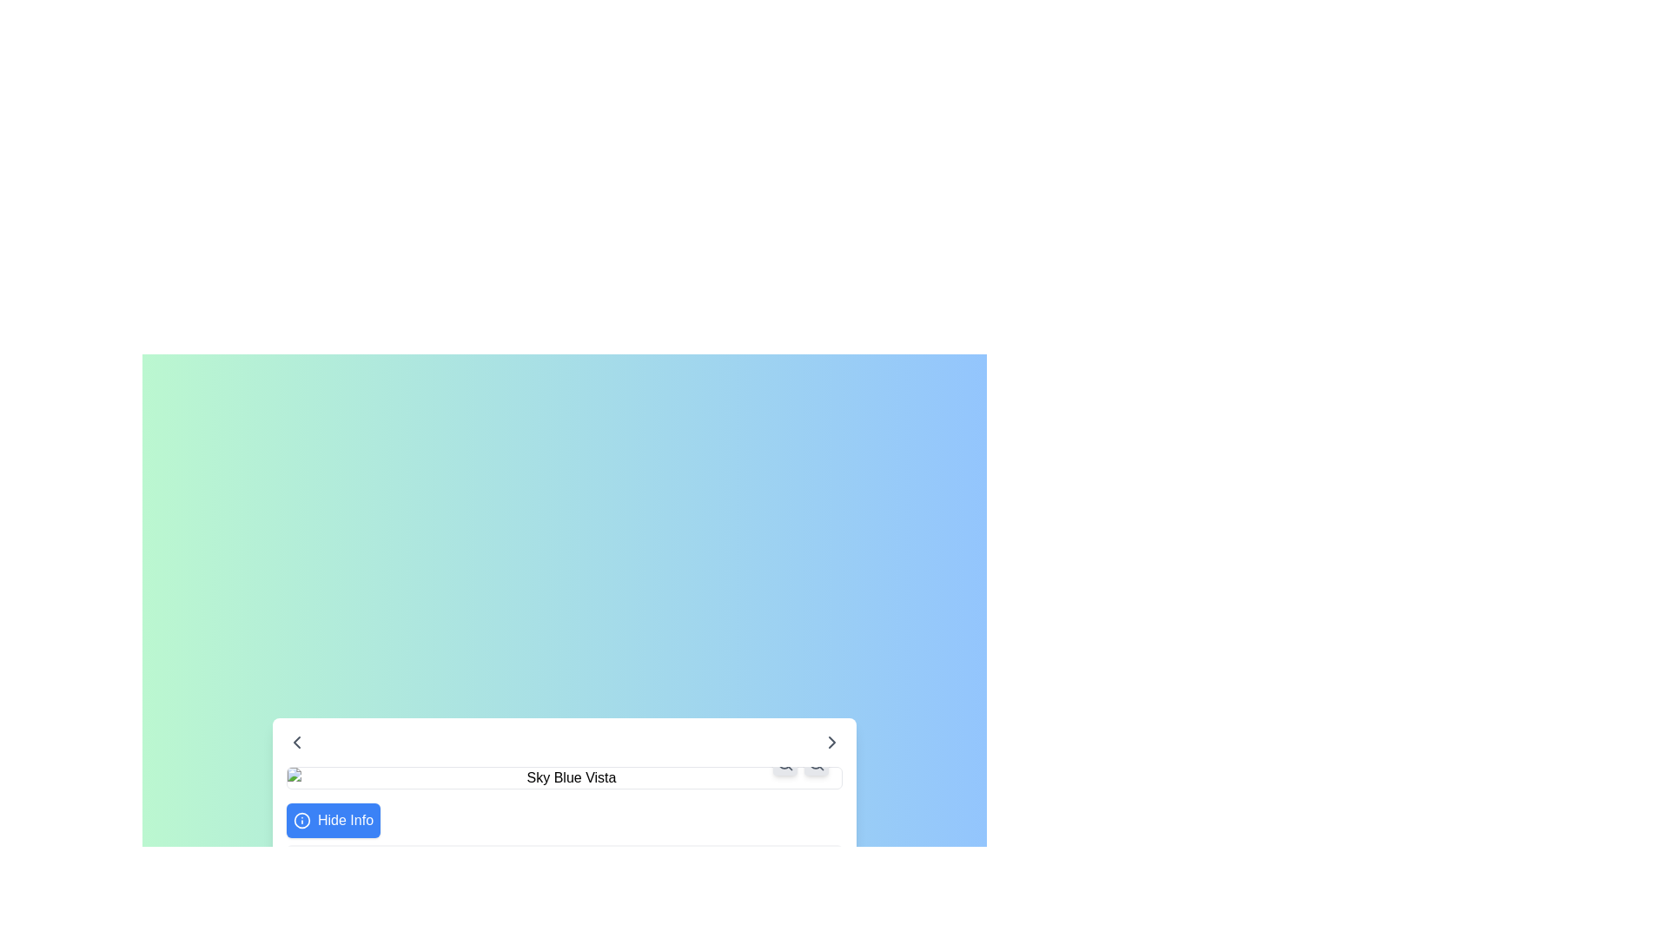 The width and height of the screenshot is (1668, 938). I want to click on the left-pointing chevron arrow icon, so click(296, 743).